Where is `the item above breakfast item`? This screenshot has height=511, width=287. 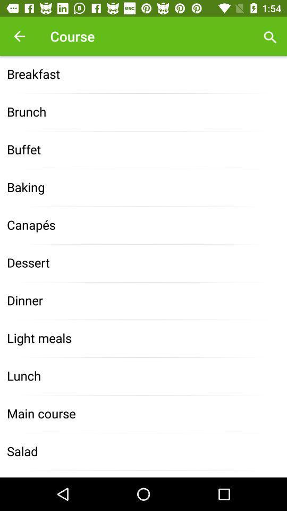 the item above breakfast item is located at coordinates (19, 36).